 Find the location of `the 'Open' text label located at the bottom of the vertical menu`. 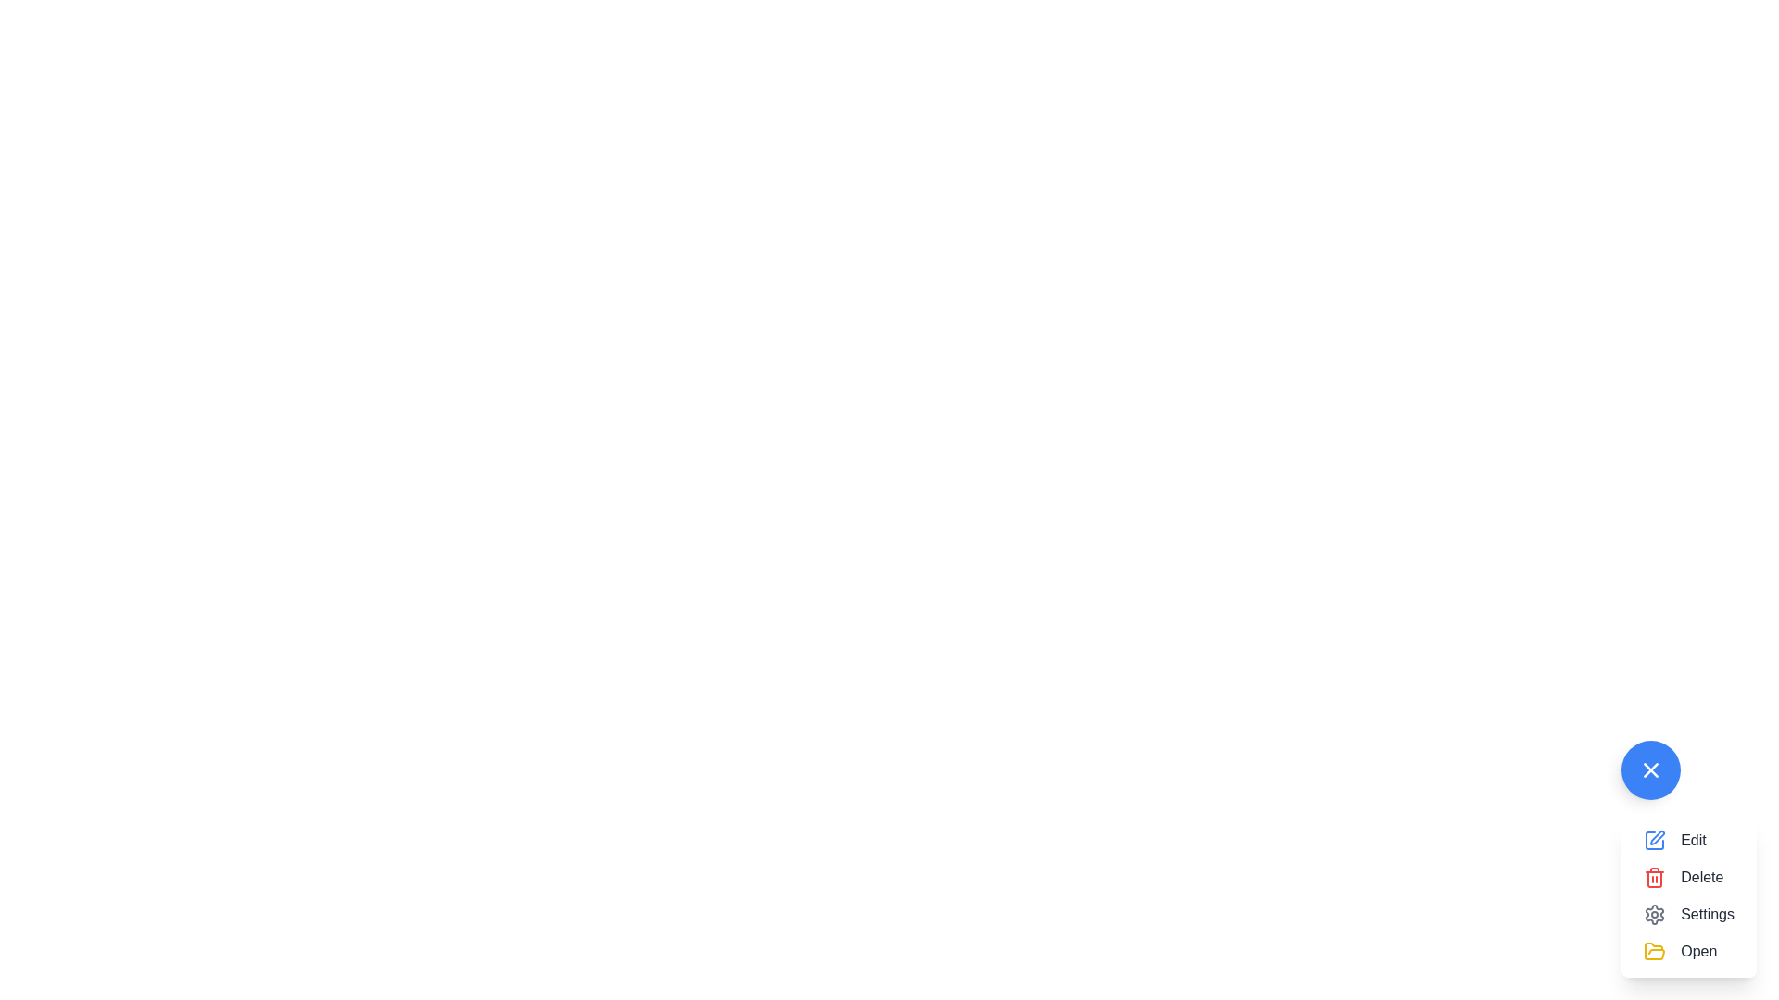

the 'Open' text label located at the bottom of the vertical menu is located at coordinates (1698, 952).